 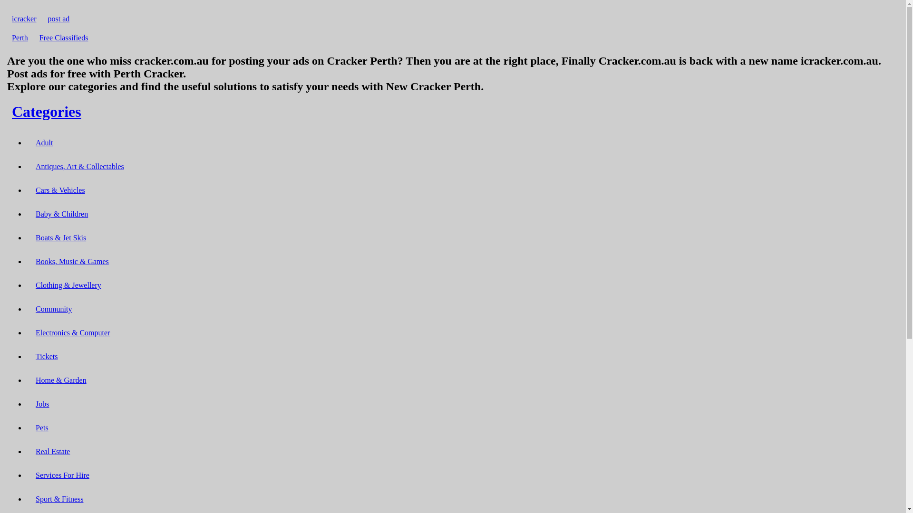 What do you see at coordinates (53, 309) in the screenshot?
I see `'Community'` at bounding box center [53, 309].